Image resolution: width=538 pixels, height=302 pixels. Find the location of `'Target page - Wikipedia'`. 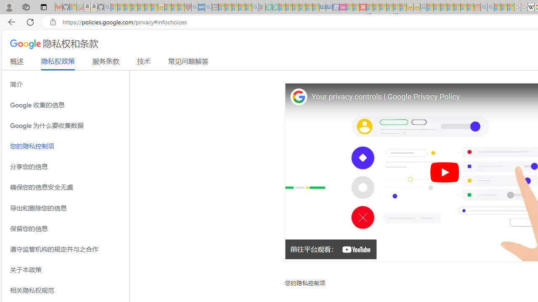

'Target page - Wikipedia' is located at coordinates (530, 7).